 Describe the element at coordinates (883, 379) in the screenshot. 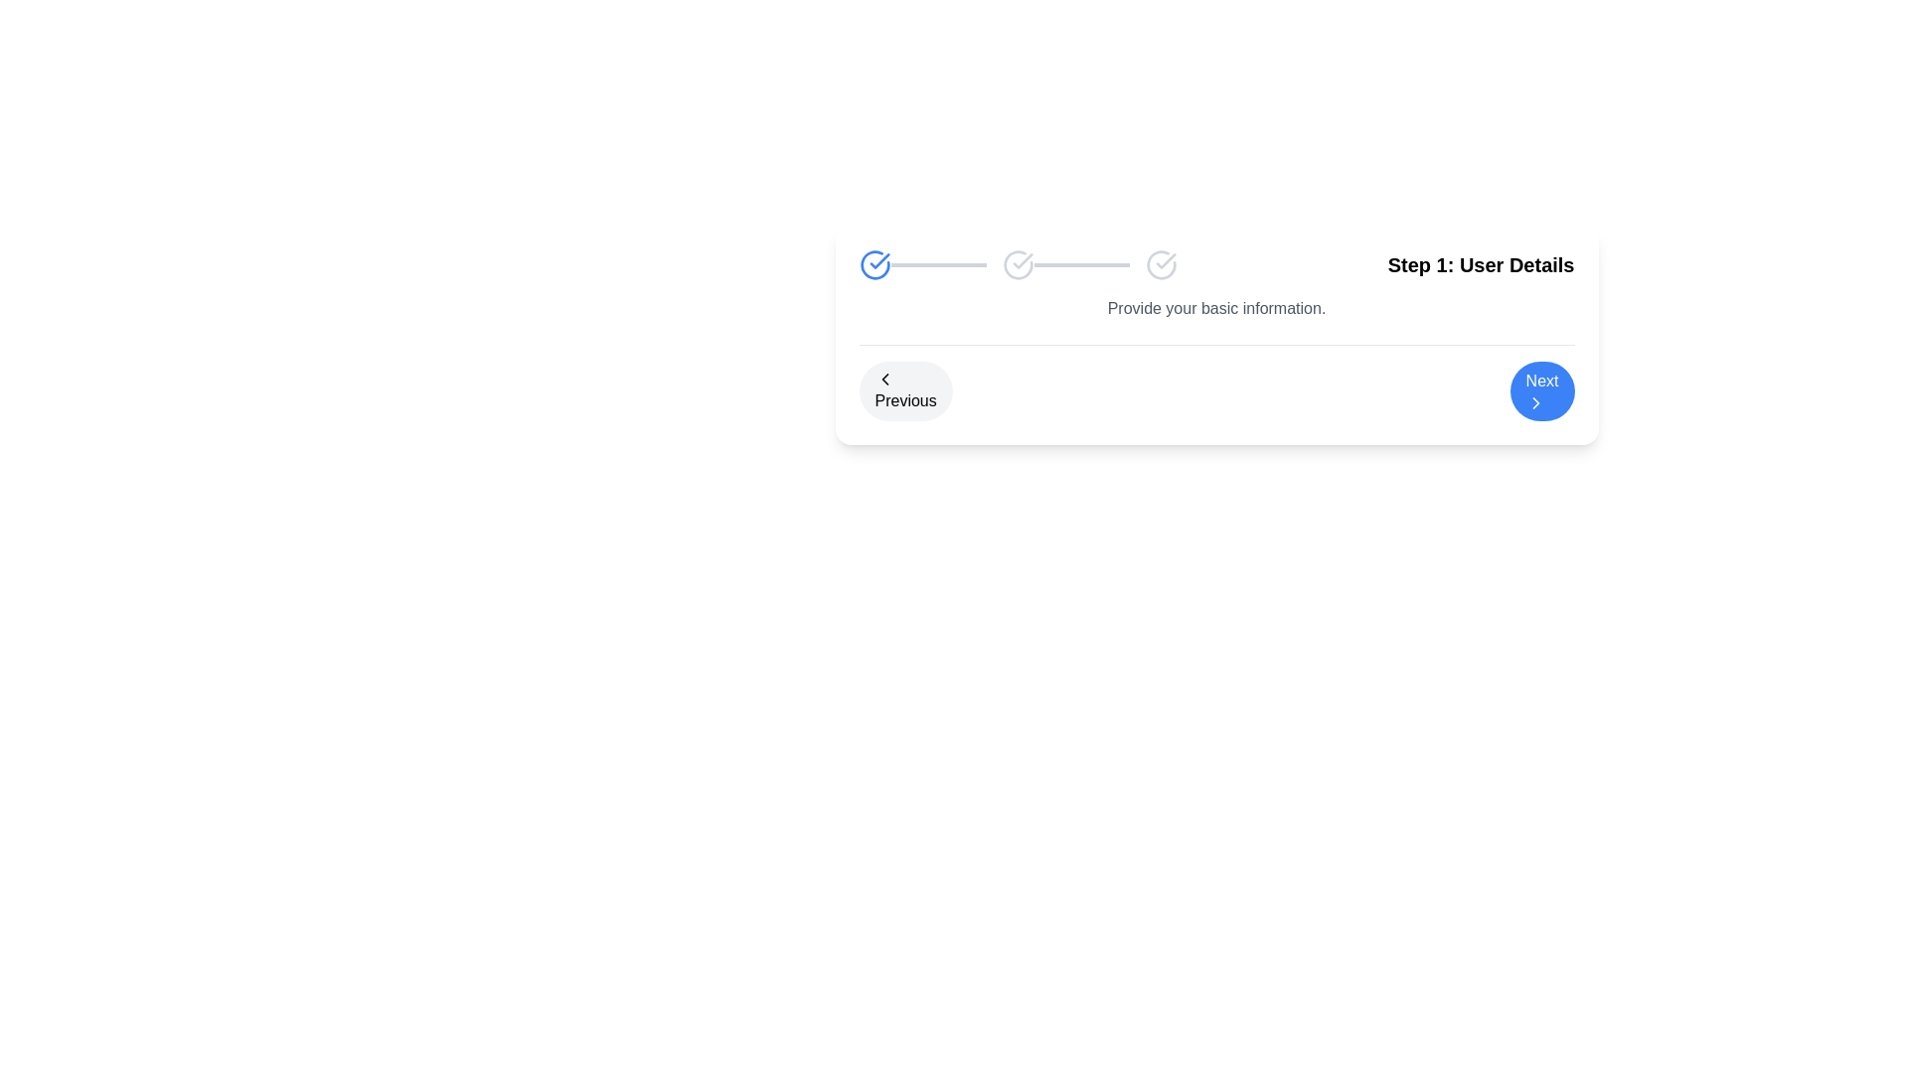

I see `the chevron-left icon located within the 'Previous' button at the bottom-left corner of the interface` at that location.